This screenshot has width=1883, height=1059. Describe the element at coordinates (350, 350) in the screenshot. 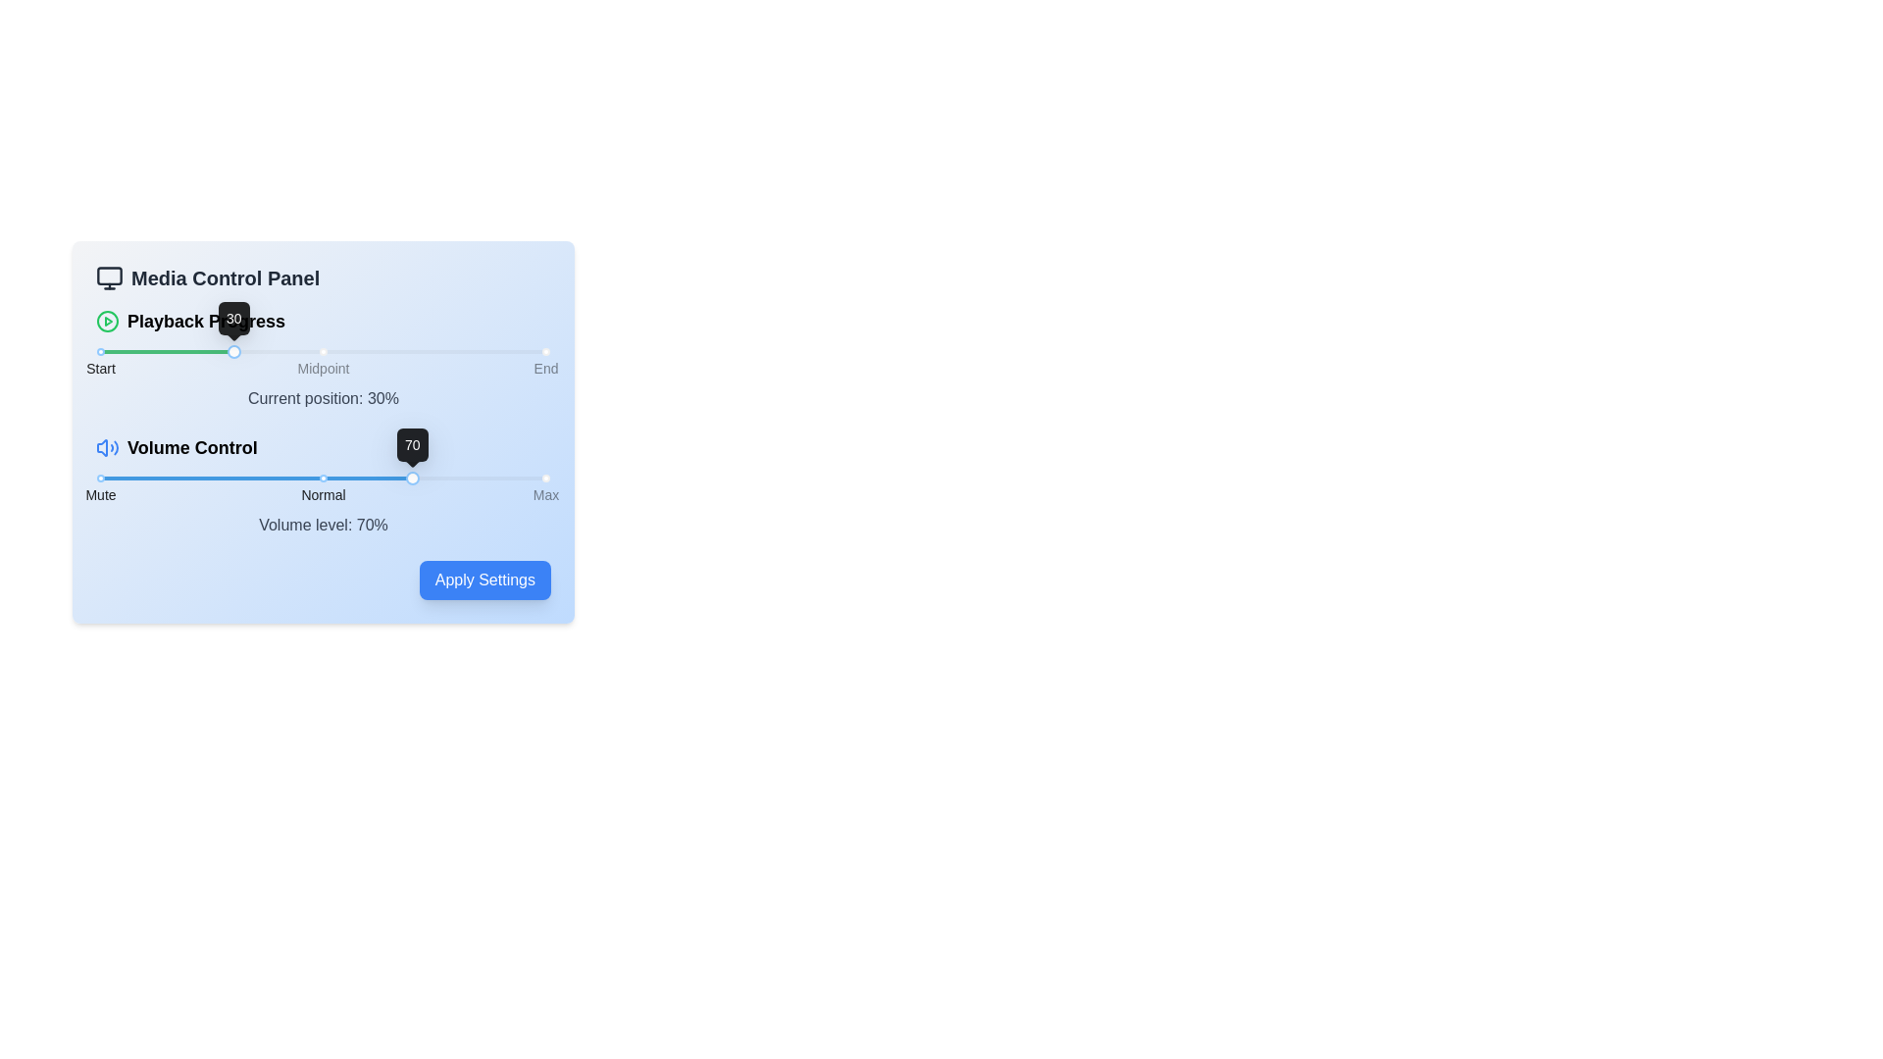

I see `playback progress` at that location.